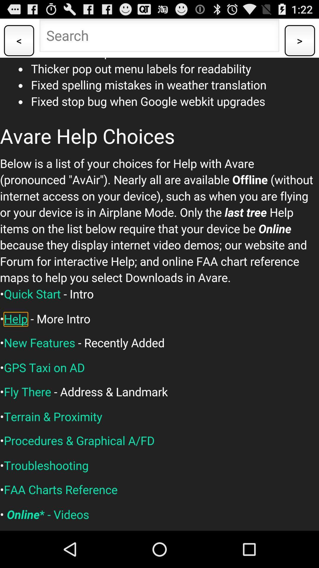 The height and width of the screenshot is (568, 319). Describe the element at coordinates (159, 294) in the screenshot. I see `description` at that location.